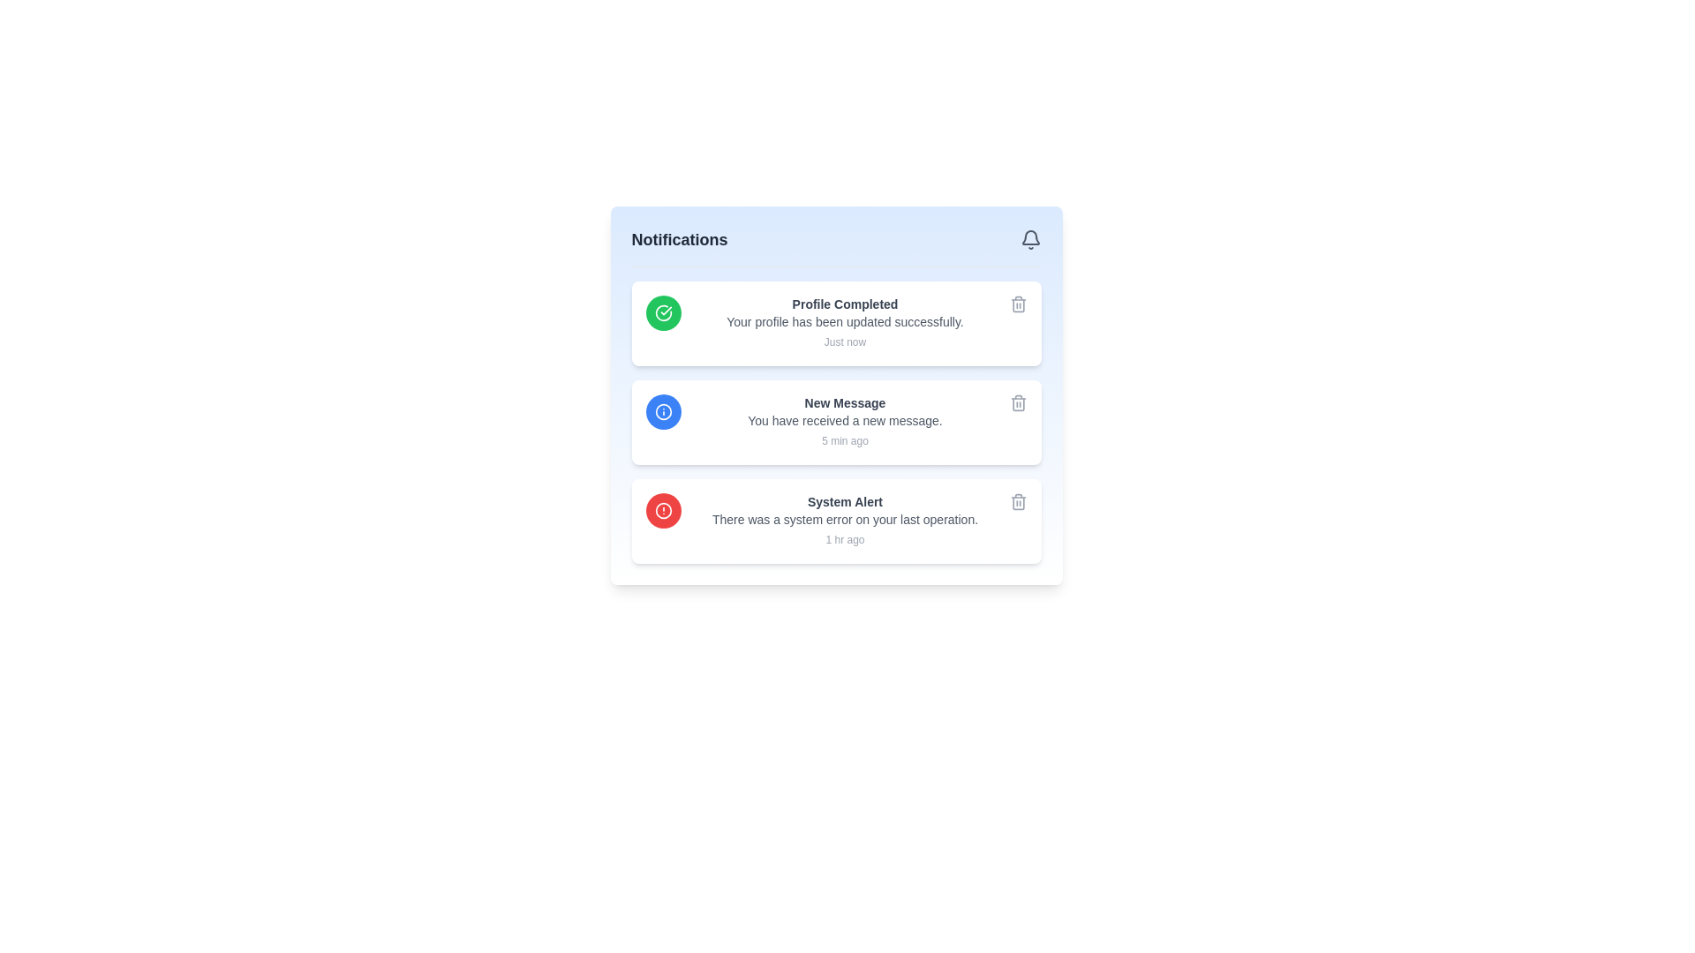 The image size is (1695, 953). What do you see at coordinates (835, 422) in the screenshot?
I see `the notification card displaying a new message, which is the second card in the vertical list of notifications, located between 'Profile Completed' and 'System Alert'` at bounding box center [835, 422].